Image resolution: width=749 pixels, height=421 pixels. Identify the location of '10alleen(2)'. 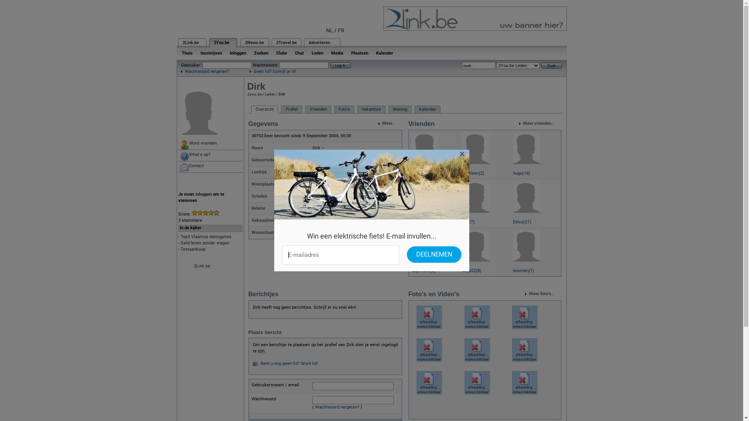
(473, 173).